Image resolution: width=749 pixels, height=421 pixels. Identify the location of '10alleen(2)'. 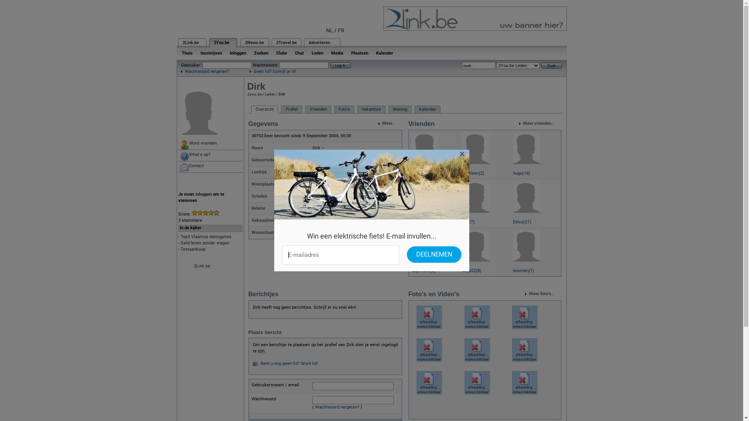
(473, 173).